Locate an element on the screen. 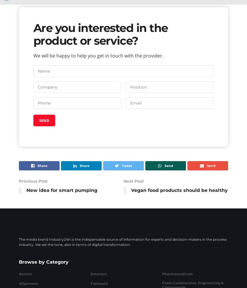 This screenshot has width=247, height=288. 'Are you interested in the product or service?' is located at coordinates (100, 34).